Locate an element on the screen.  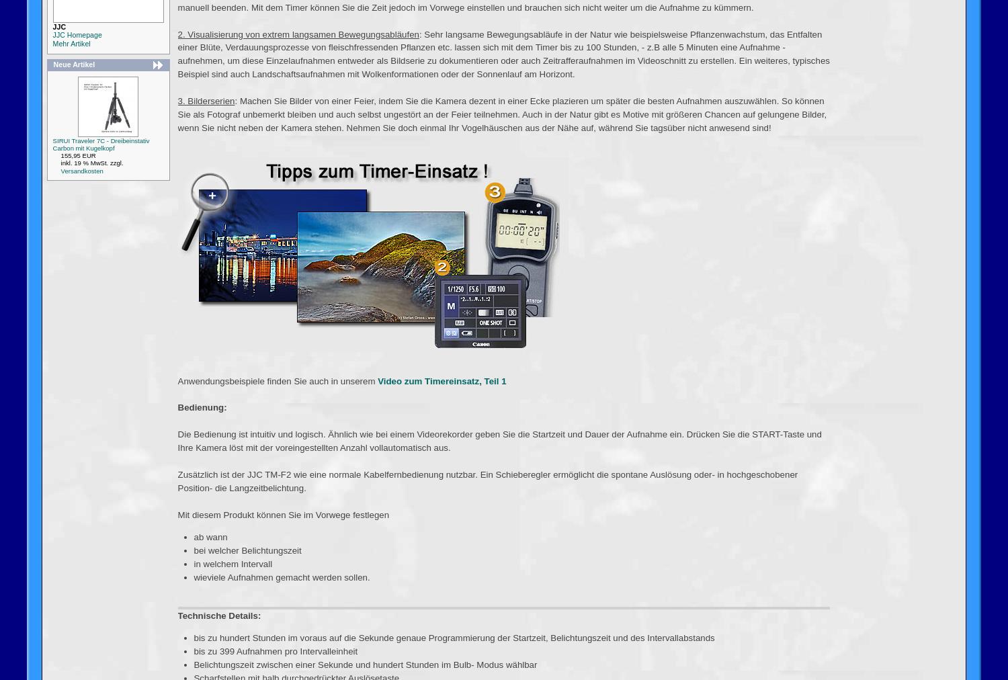
'JJC Homepage' is located at coordinates (76, 34).